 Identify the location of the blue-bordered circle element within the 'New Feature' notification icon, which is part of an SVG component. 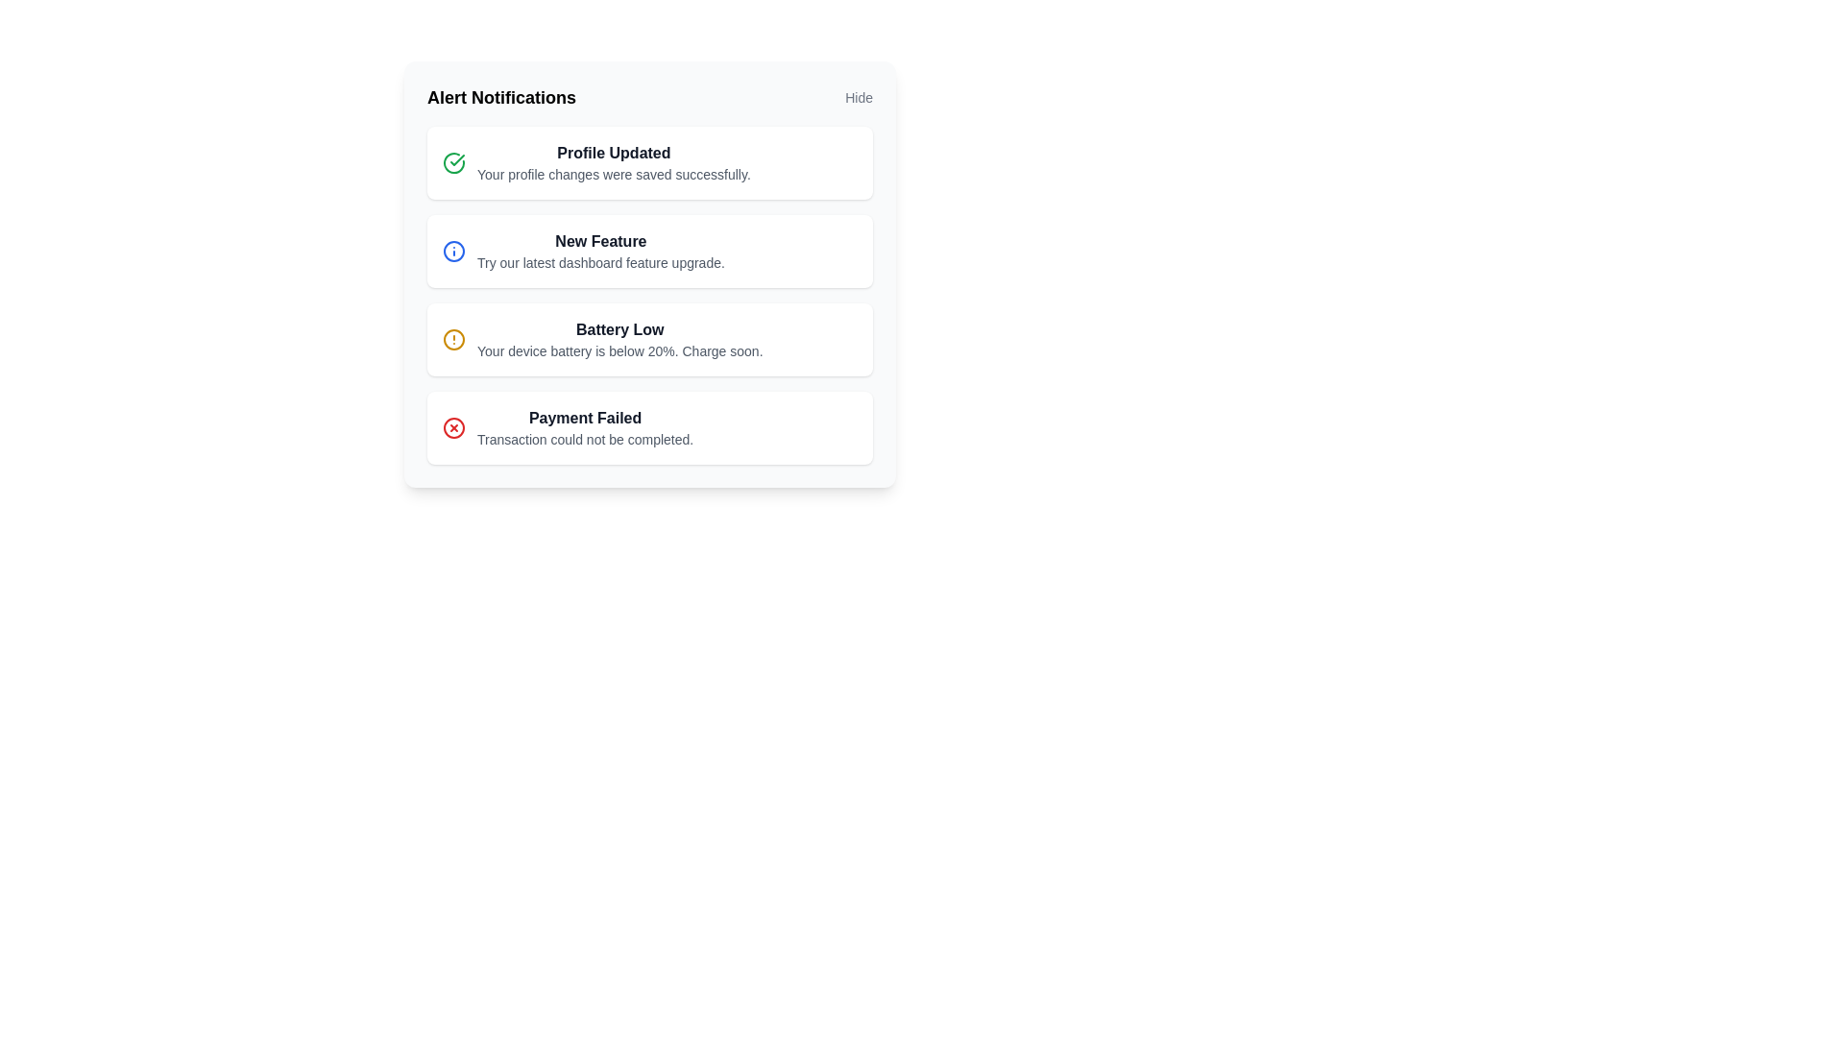
(453, 251).